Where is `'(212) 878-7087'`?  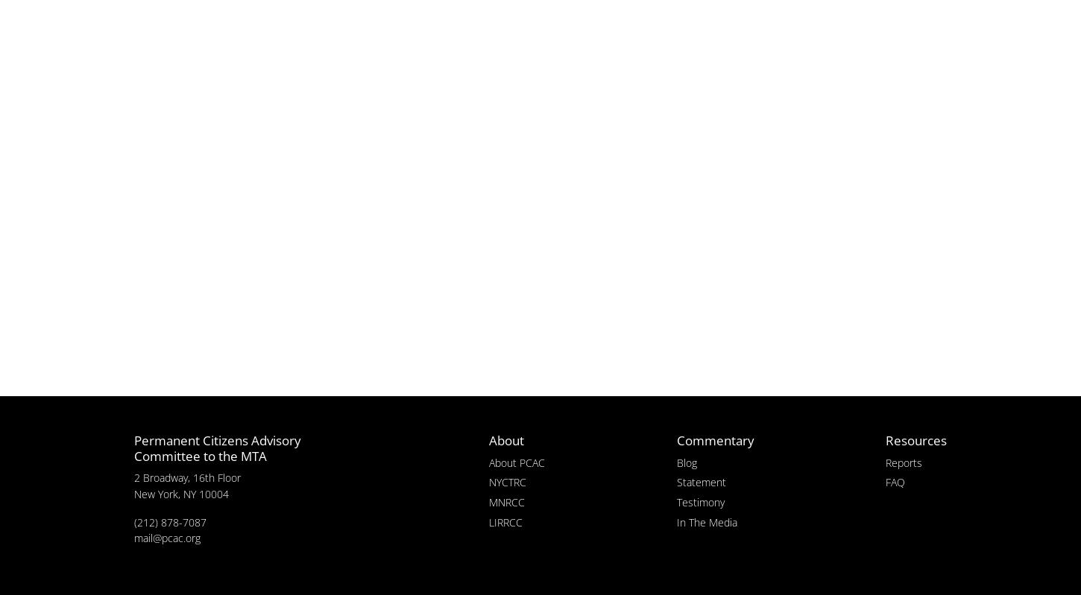
'(212) 878-7087' is located at coordinates (169, 521).